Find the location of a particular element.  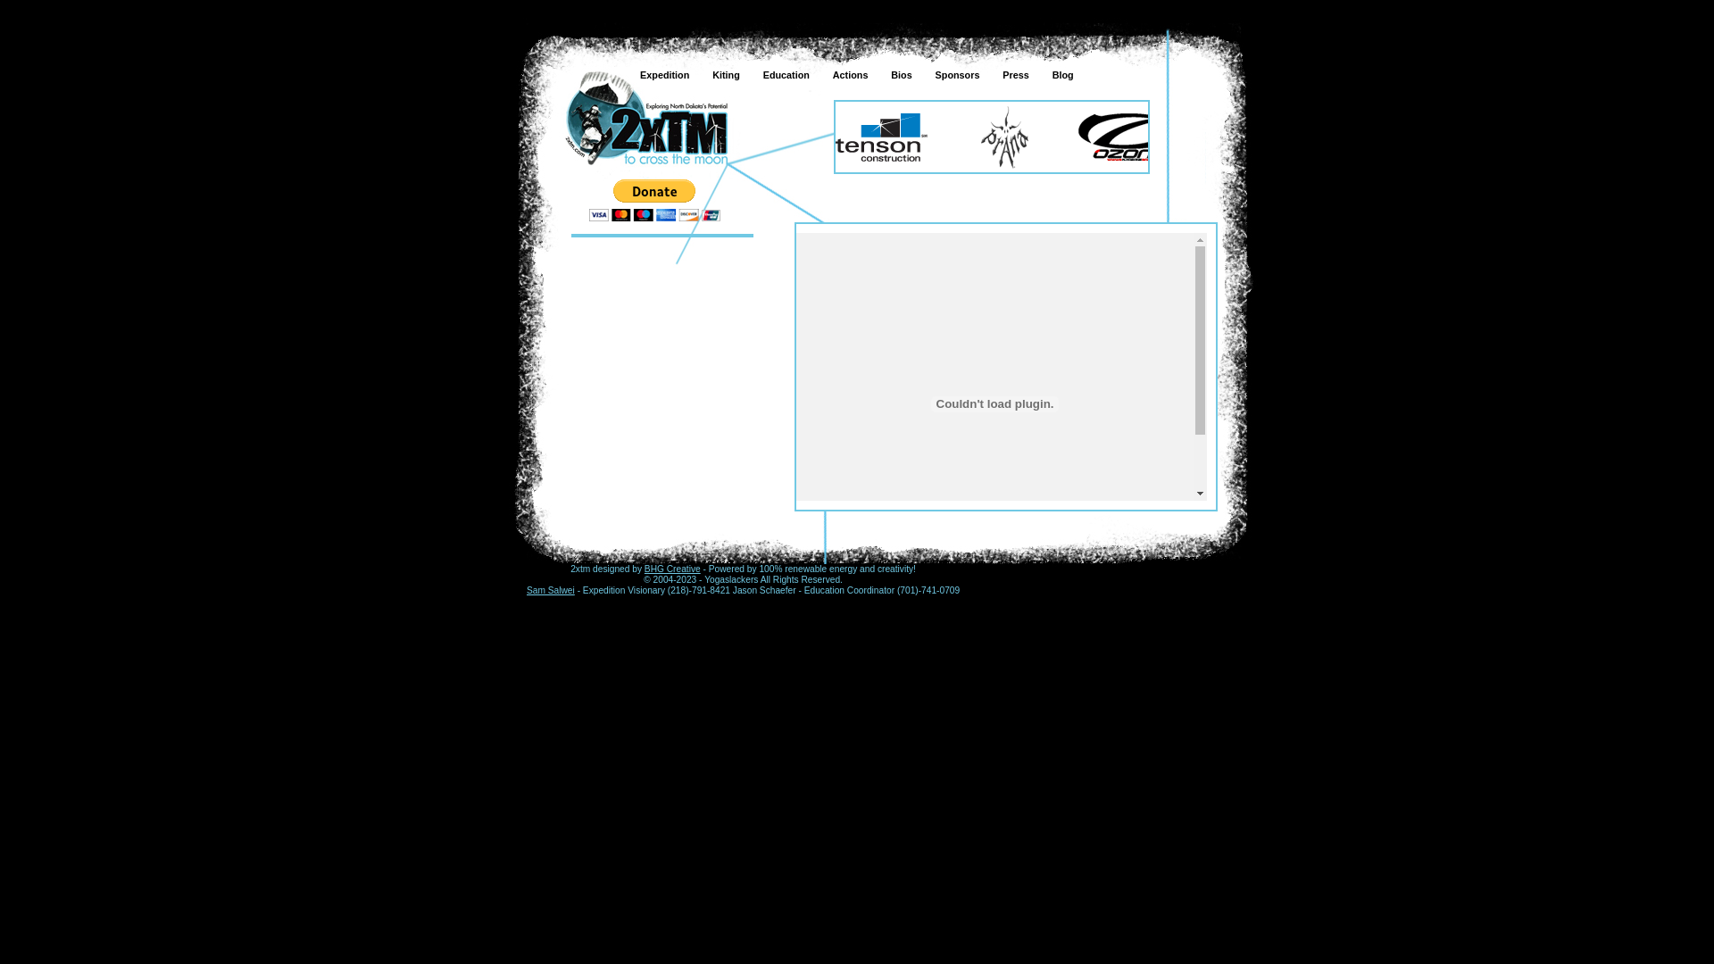

'Expedition' is located at coordinates (645, 118).